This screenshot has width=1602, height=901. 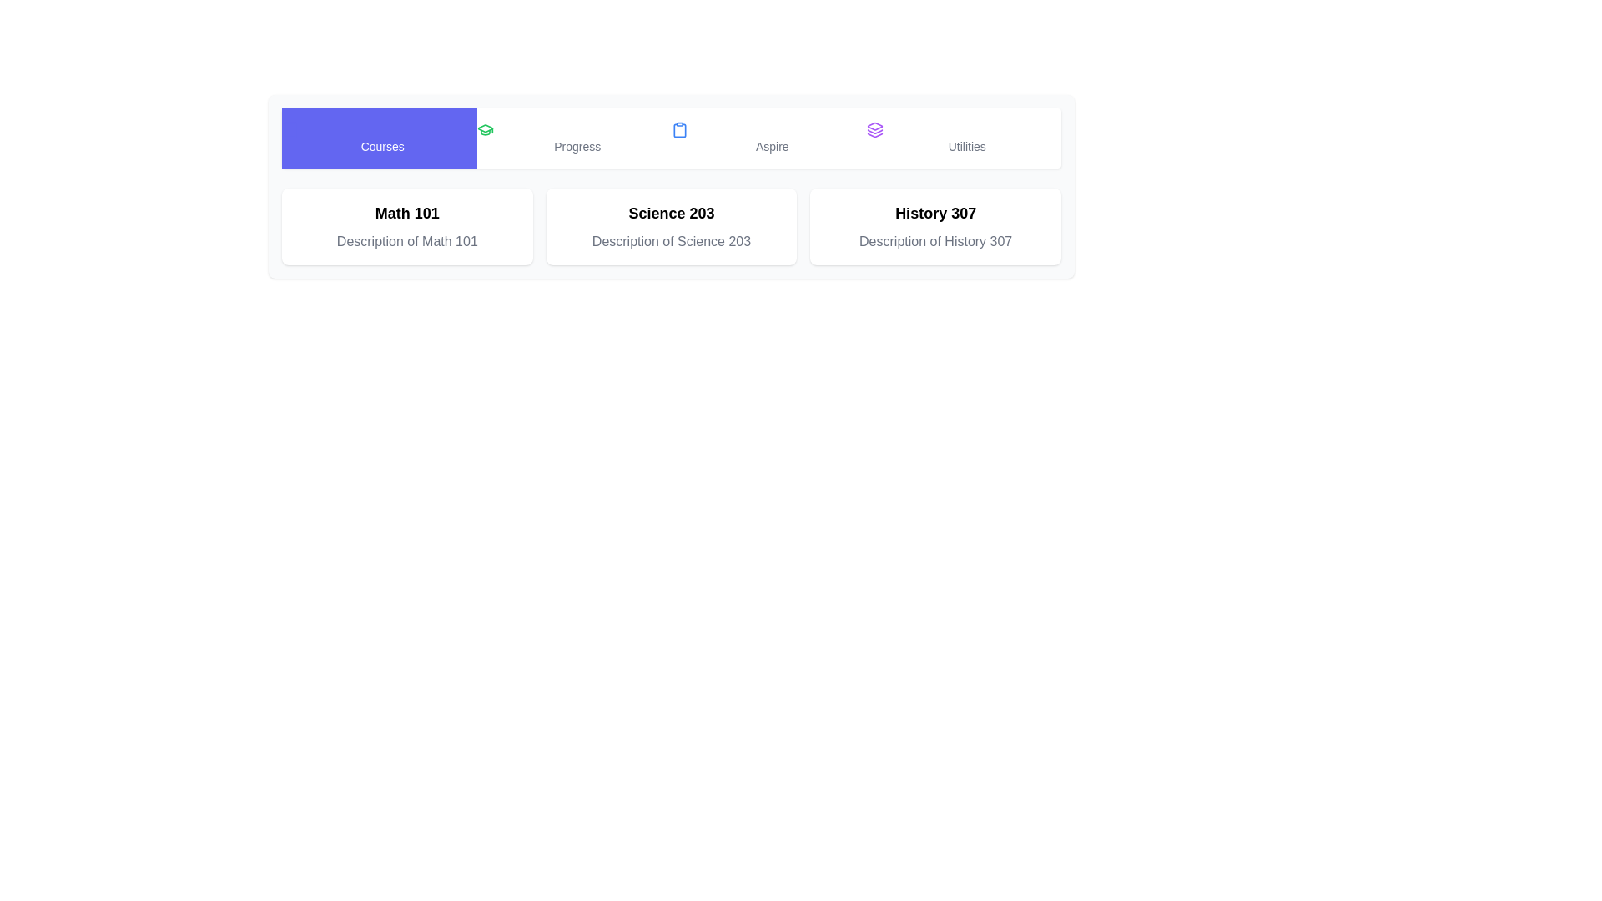 I want to click on the Navigation bar at the top of the layout, so click(x=672, y=137).